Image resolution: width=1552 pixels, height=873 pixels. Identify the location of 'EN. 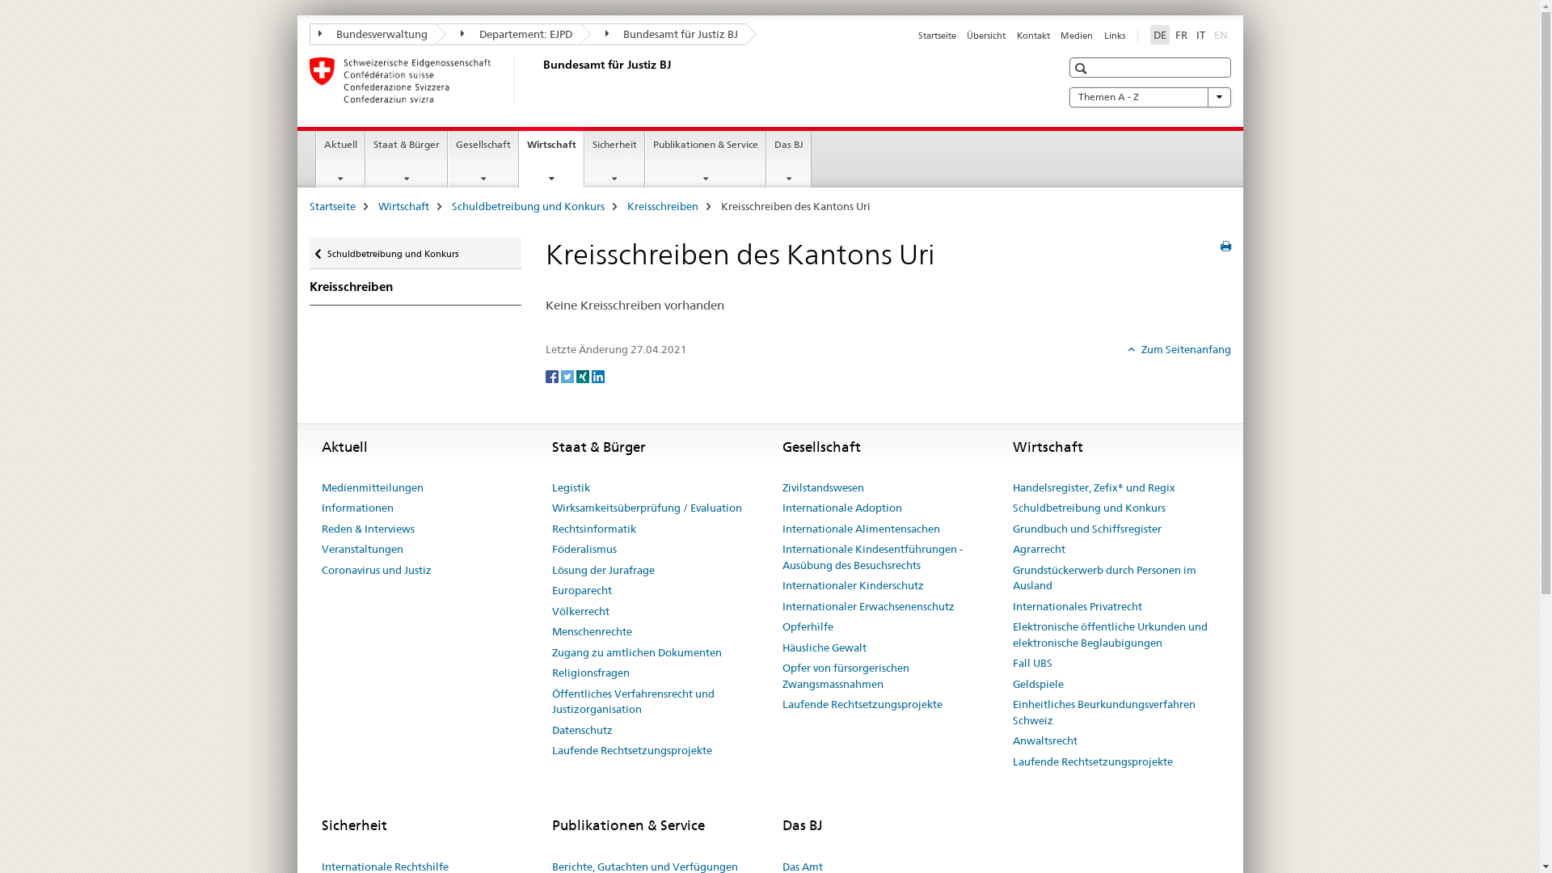
(1221, 34).